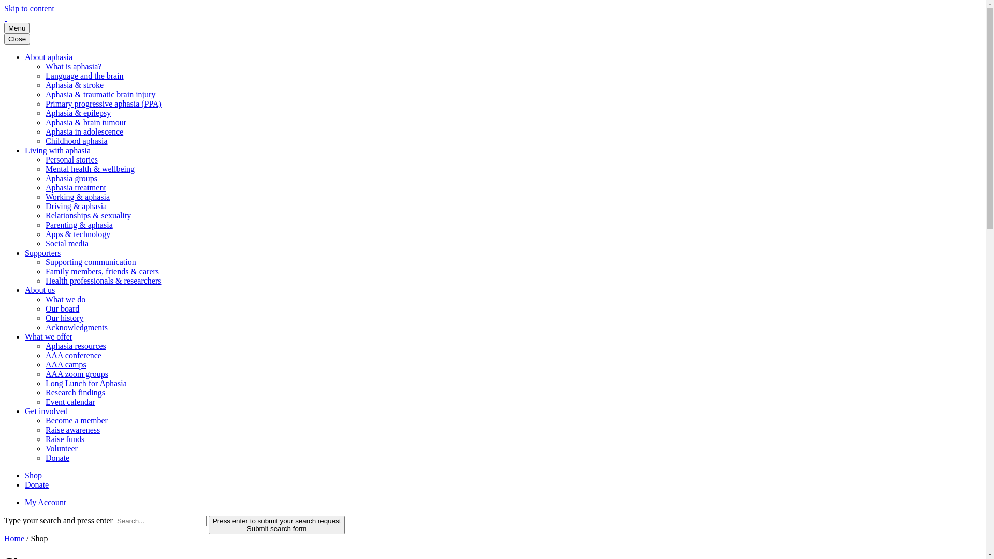  Describe the element at coordinates (74, 84) in the screenshot. I see `'Aphasia & stroke'` at that location.